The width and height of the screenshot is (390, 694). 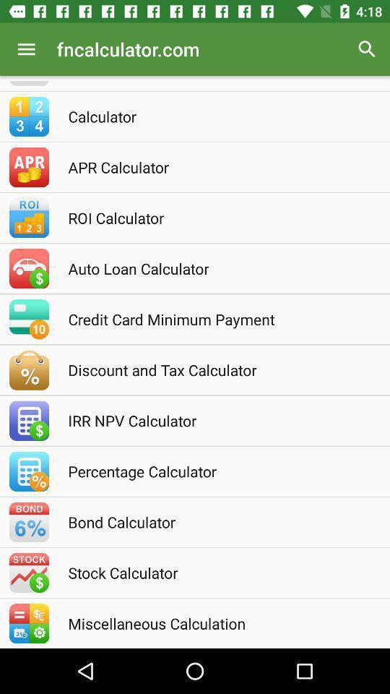 What do you see at coordinates (214, 218) in the screenshot?
I see `the roi calculator icon` at bounding box center [214, 218].